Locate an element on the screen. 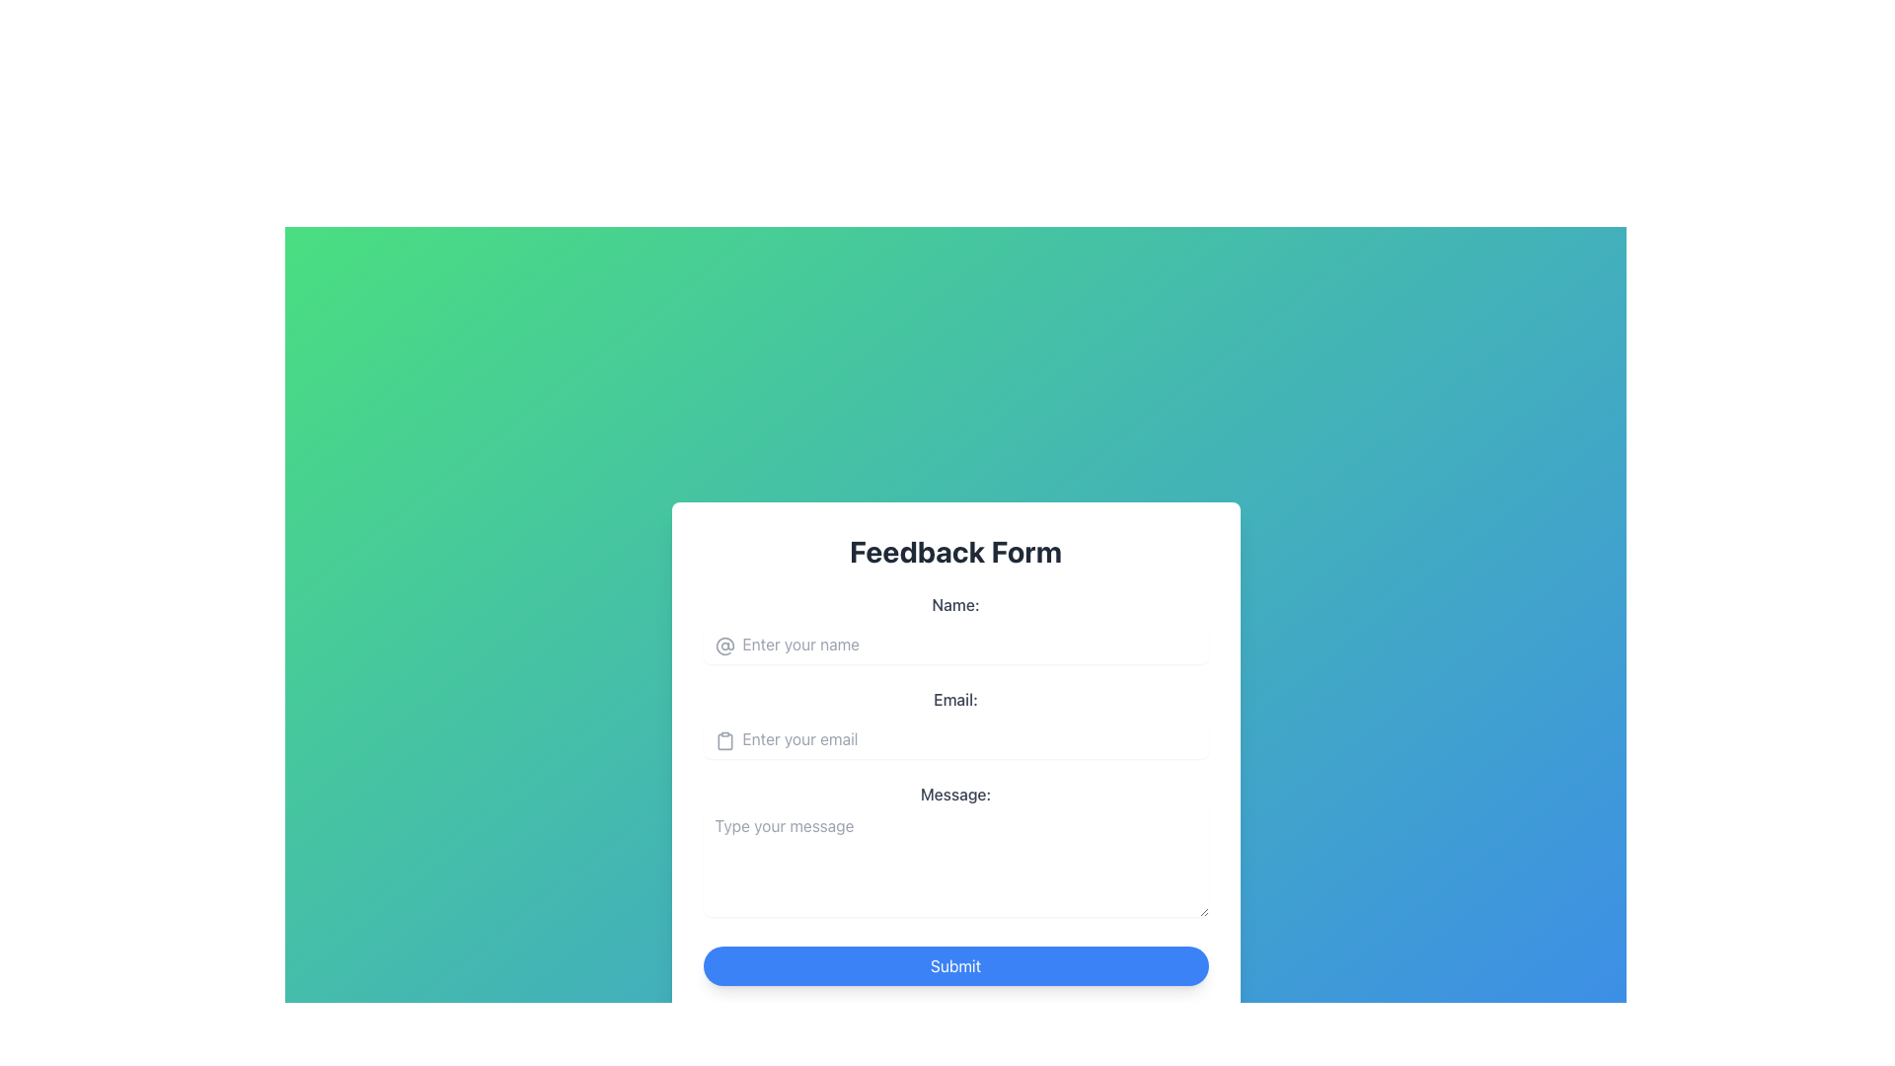  the 'Name:' label in the feedback form, which is styled in dark gray and positioned above the name input field is located at coordinates (955, 604).